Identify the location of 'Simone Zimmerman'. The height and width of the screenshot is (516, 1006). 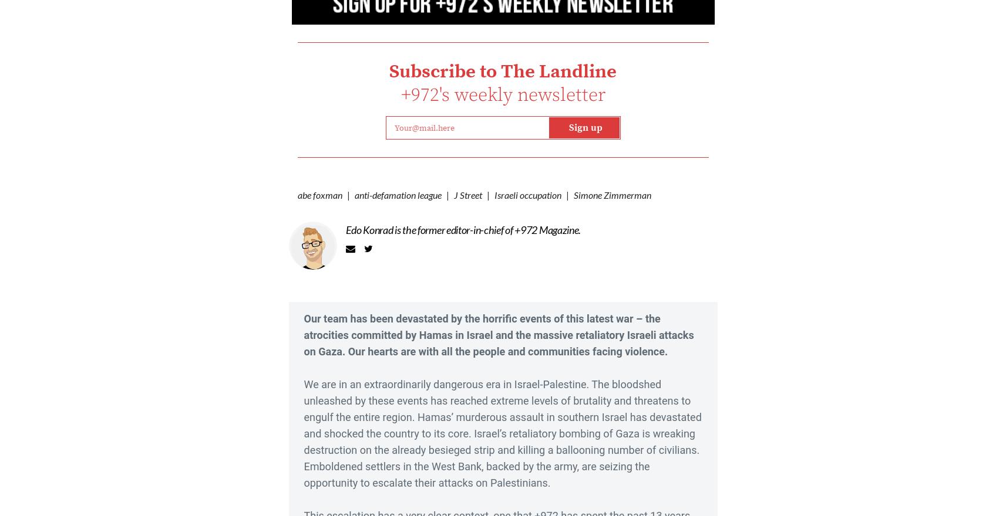
(573, 194).